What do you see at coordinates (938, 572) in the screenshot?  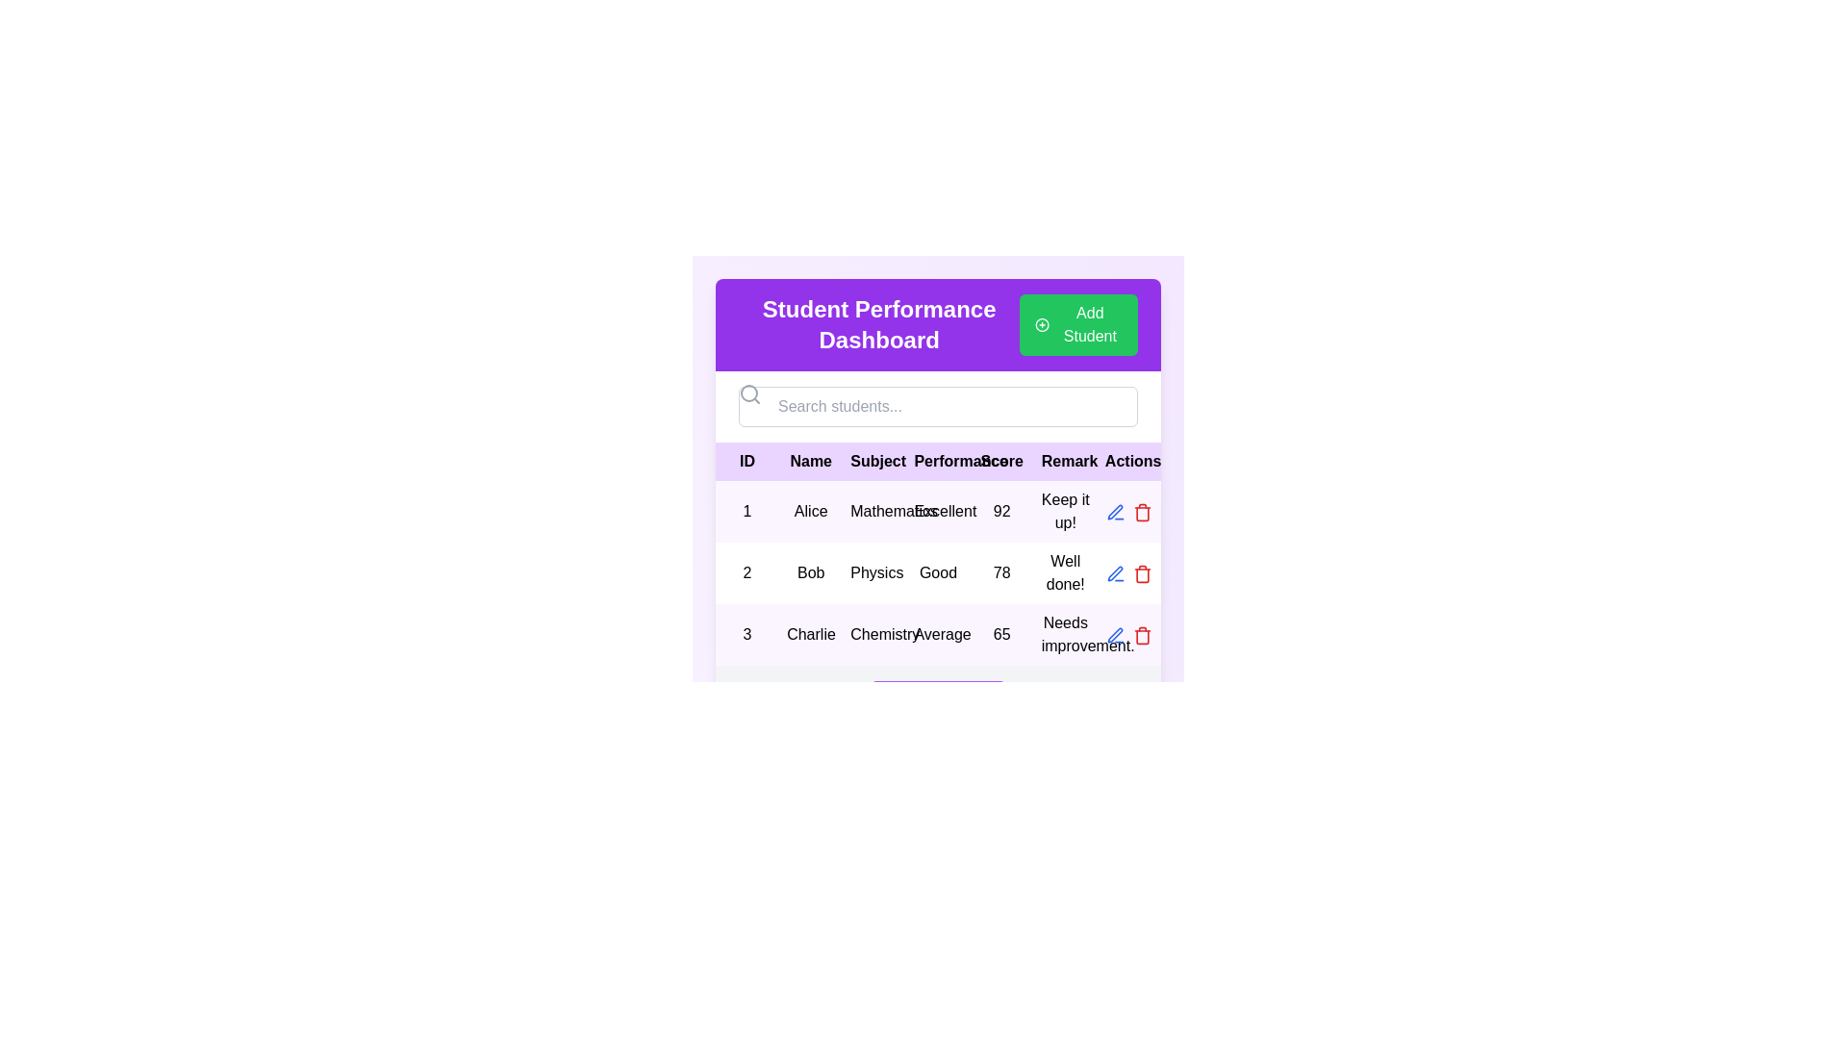 I see `static text label displaying 'Good' located in the second row of the table under the 'Performance' column, positioned between 'Physics' and '78'` at bounding box center [938, 572].